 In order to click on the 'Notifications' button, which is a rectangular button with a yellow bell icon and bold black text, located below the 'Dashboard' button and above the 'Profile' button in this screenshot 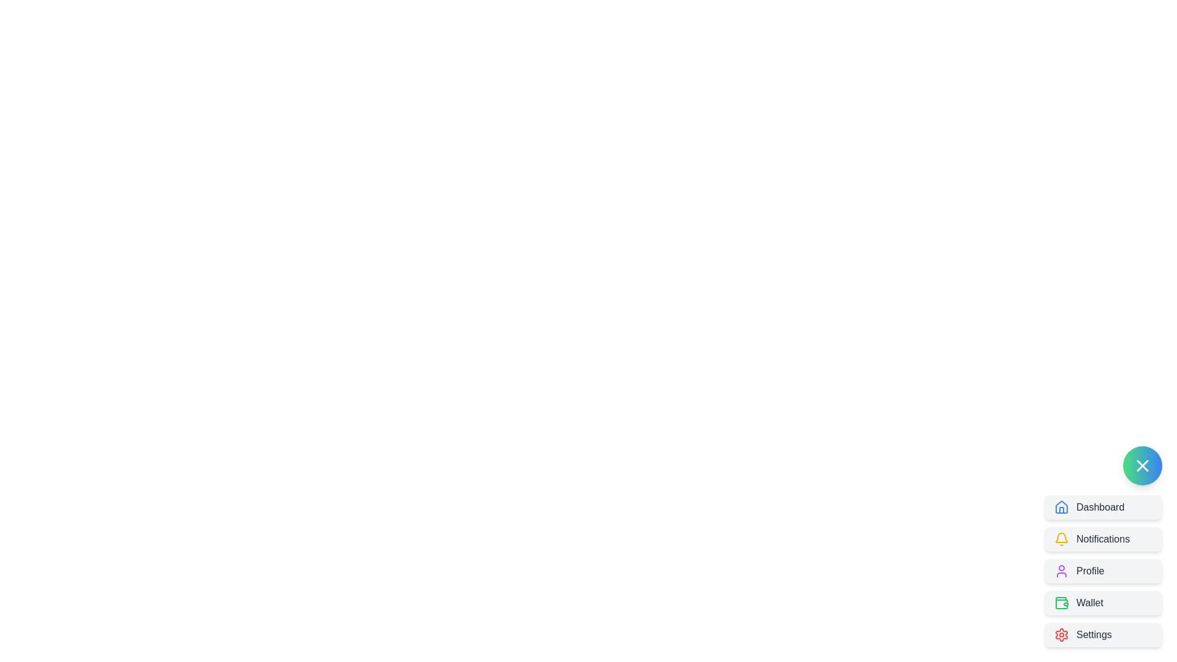, I will do `click(1103, 538)`.